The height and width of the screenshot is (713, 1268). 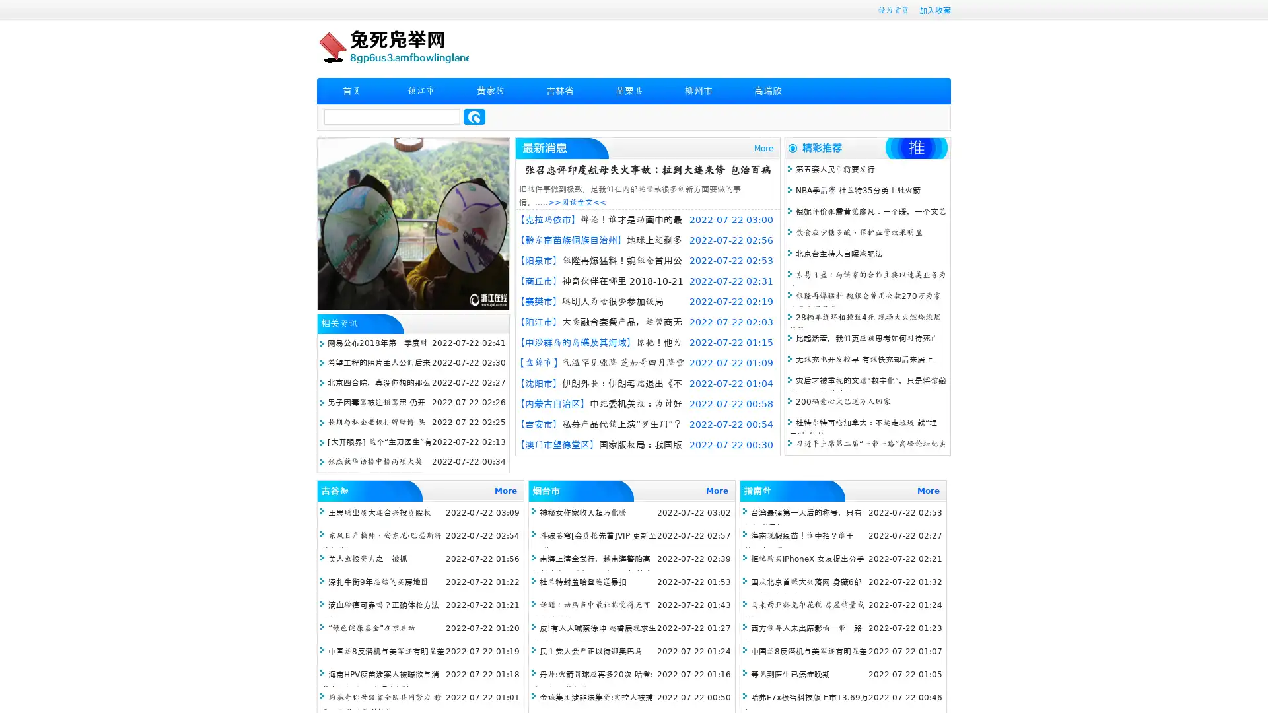 I want to click on Search, so click(x=474, y=116).